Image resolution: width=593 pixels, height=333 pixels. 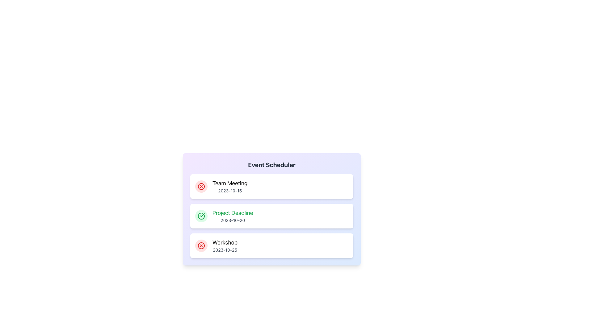 I want to click on the circular red icon with a red 'X' symbol, located at the left side of the 'Team Meeting' event card, so click(x=201, y=186).